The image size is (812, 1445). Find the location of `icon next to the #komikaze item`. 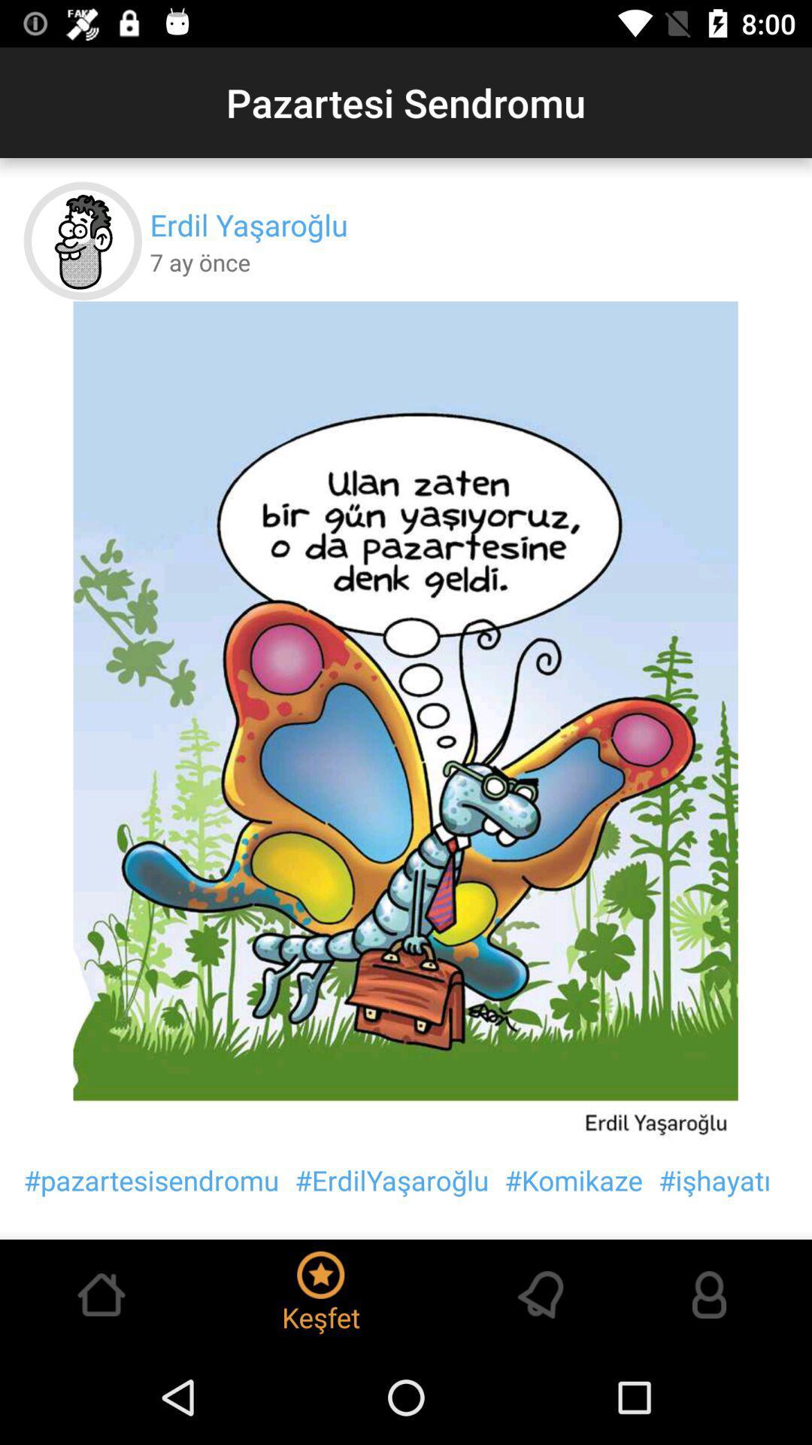

icon next to the #komikaze item is located at coordinates (391, 1179).